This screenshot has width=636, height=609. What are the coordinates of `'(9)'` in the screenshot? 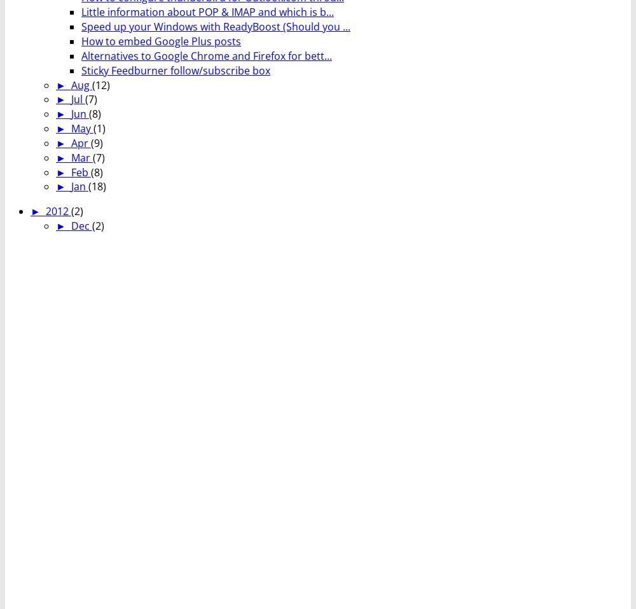 It's located at (96, 142).